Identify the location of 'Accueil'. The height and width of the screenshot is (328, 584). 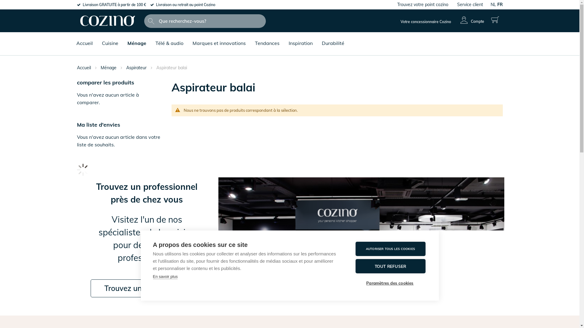
(84, 68).